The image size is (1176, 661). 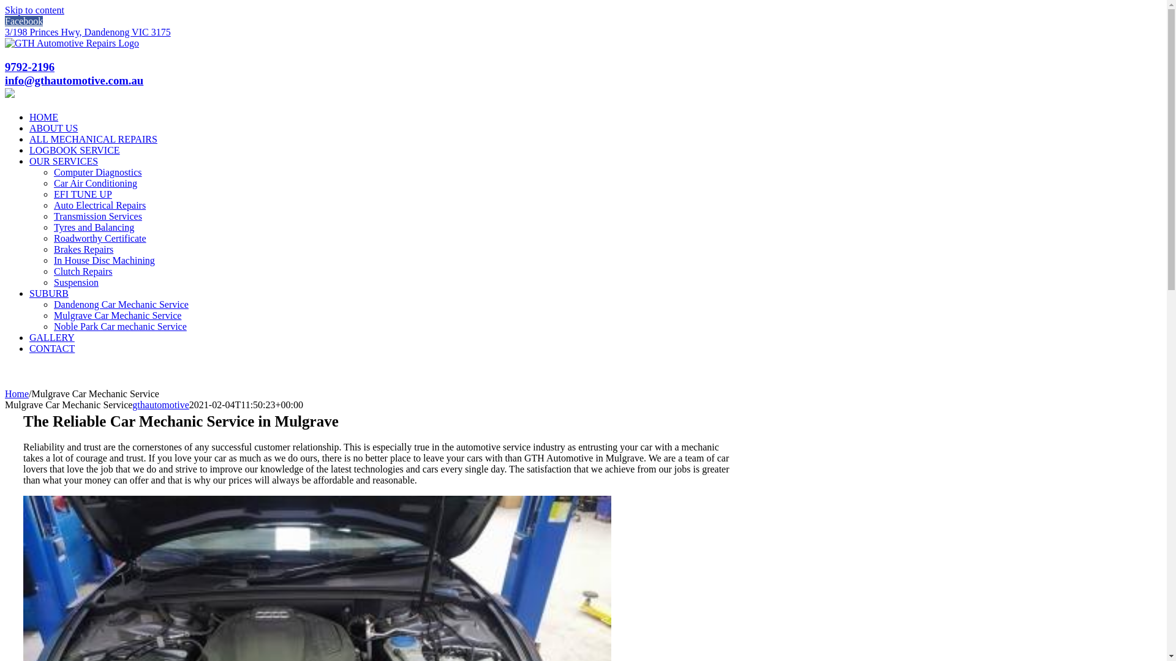 What do you see at coordinates (43, 117) in the screenshot?
I see `'HOME'` at bounding box center [43, 117].